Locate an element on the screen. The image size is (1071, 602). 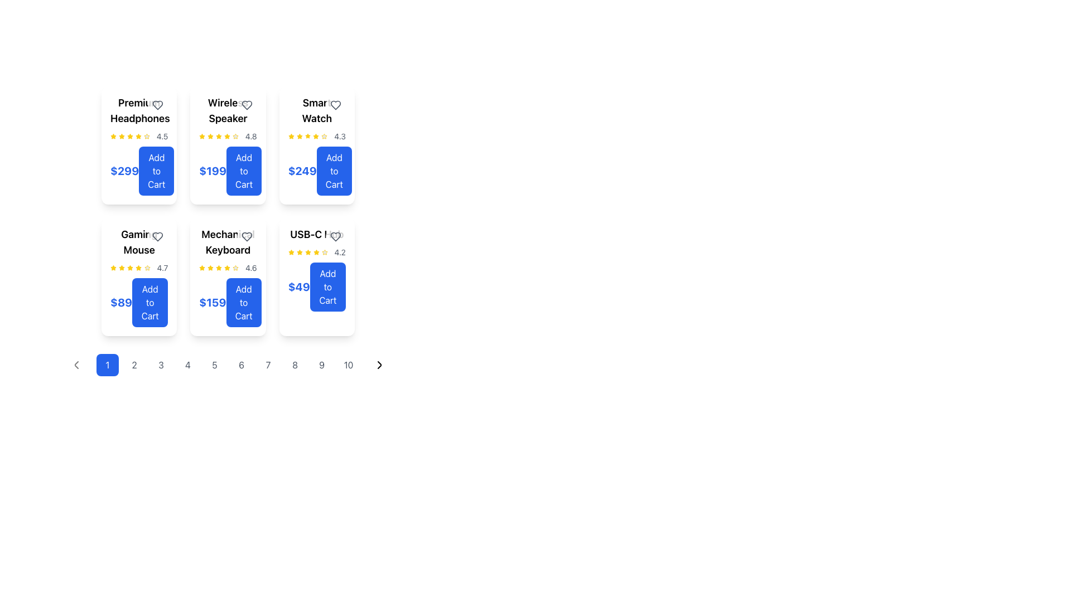
the highlighted yellow star icon in the rating section of the 'USB-C H' card is located at coordinates (316, 252).